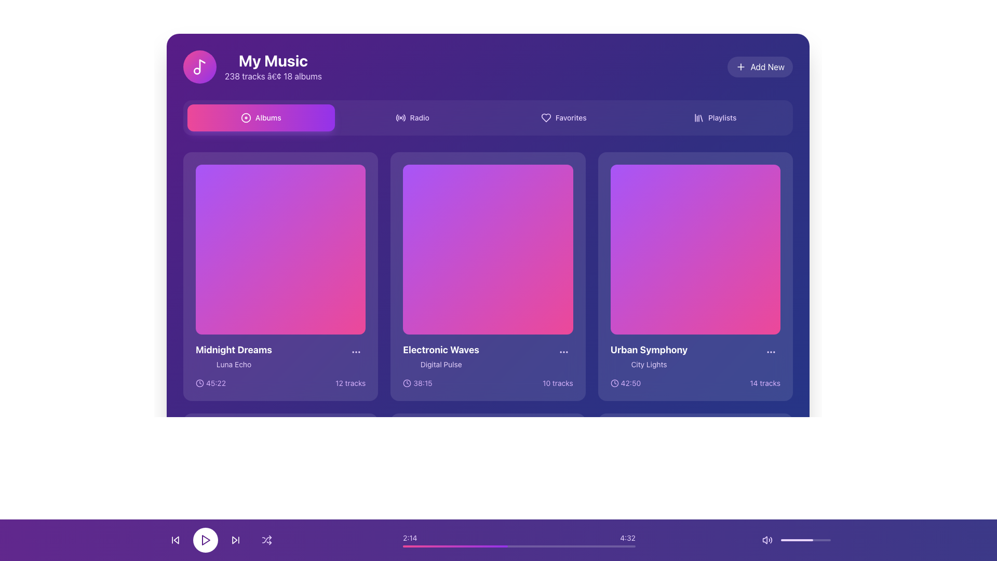  Describe the element at coordinates (205, 540) in the screenshot. I see `the purple play button icon located inside a circular white button at the bottom-center of the media controls bar to play the media` at that location.